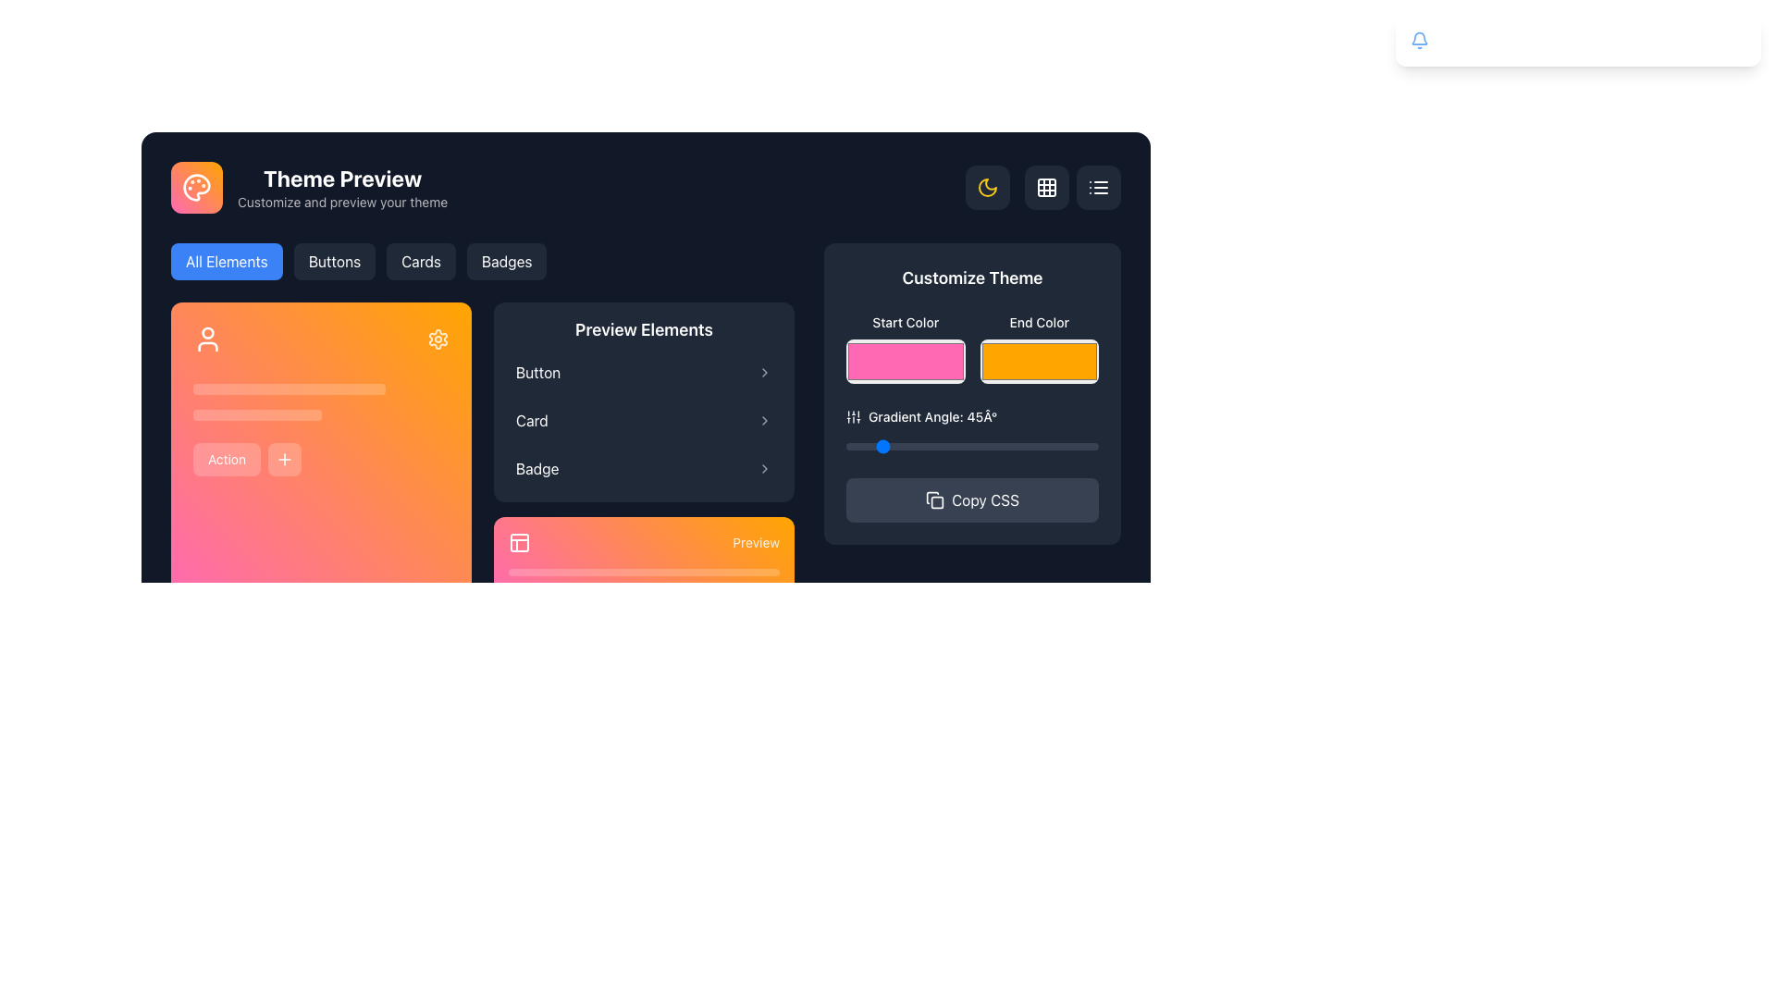 This screenshot has width=1776, height=999. I want to click on the decorative progress bar, which is the shorter horizontal bar with a white, semi-transparent fill located below another similar bar in the left-side panel of the application, so click(256, 413).